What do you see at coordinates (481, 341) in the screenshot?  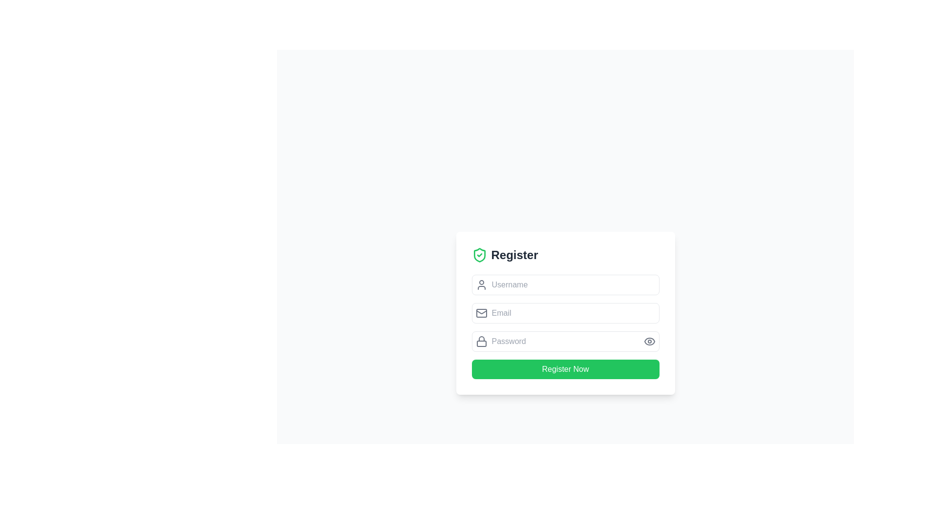 I see `the lock icon located within the password input field, which is styled with a simple outline design and positioned to the left of the placeholder text` at bounding box center [481, 341].